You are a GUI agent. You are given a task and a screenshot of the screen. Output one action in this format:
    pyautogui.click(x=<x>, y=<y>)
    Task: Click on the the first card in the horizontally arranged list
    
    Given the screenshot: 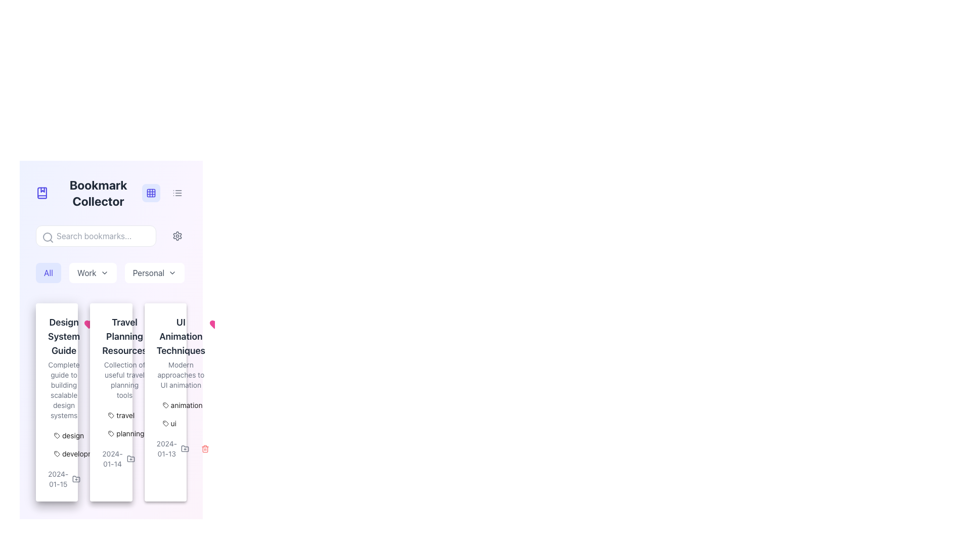 What is the action you would take?
    pyautogui.click(x=56, y=401)
    